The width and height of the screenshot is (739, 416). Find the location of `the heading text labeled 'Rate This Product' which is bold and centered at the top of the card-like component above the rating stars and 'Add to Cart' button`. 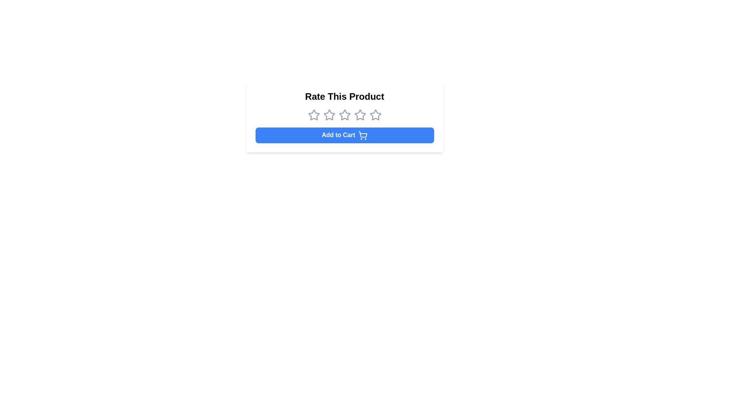

the heading text labeled 'Rate This Product' which is bold and centered at the top of the card-like component above the rating stars and 'Add to Cart' button is located at coordinates (344, 96).